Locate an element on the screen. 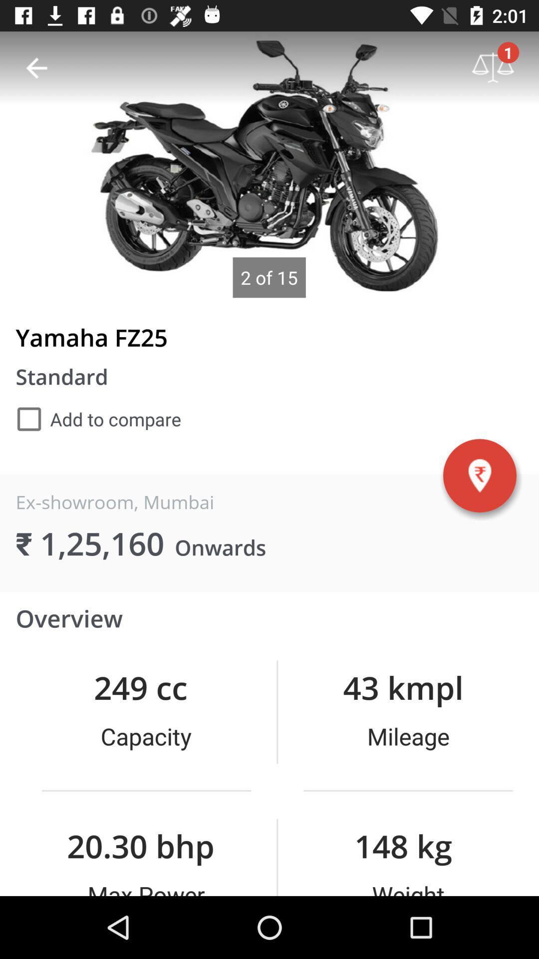 The width and height of the screenshot is (539, 959). the item below yamaha fz25 is located at coordinates (479, 475).